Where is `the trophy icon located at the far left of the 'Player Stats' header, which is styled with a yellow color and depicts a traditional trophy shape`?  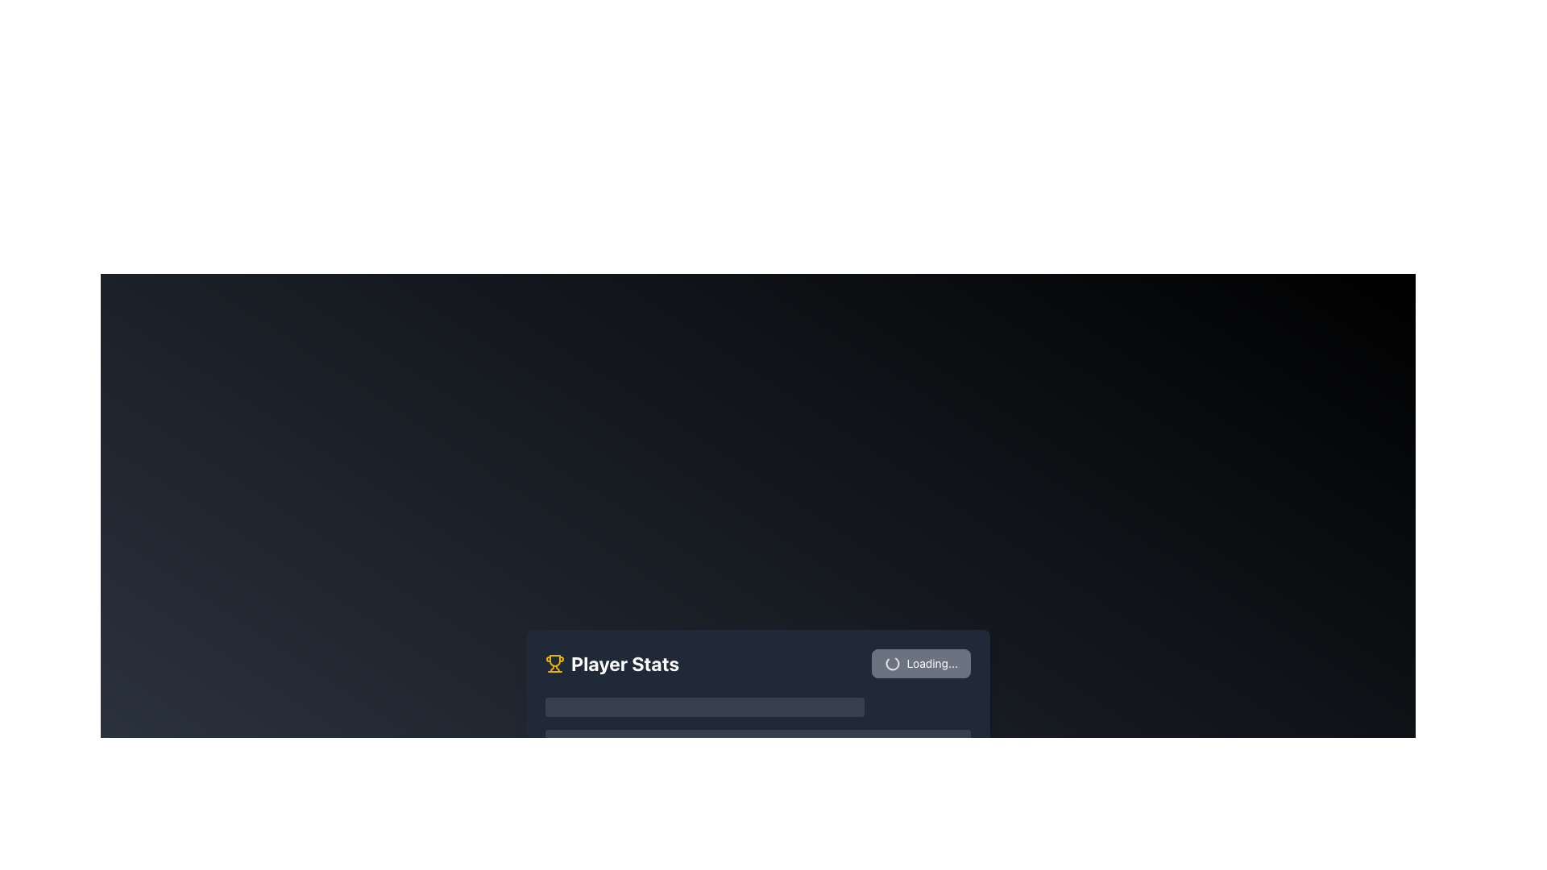
the trophy icon located at the far left of the 'Player Stats' header, which is styled with a yellow color and depicts a traditional trophy shape is located at coordinates (555, 664).